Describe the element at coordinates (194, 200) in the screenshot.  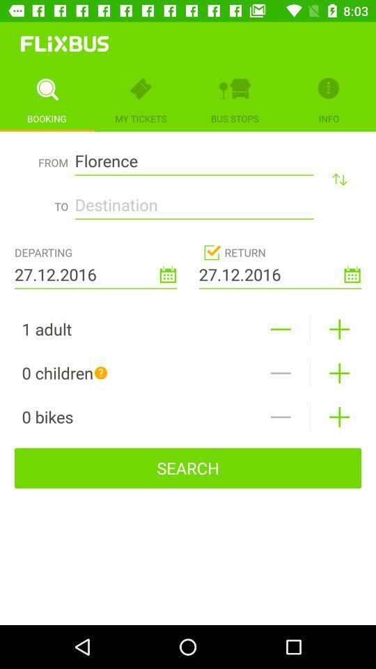
I see `input destination` at that location.